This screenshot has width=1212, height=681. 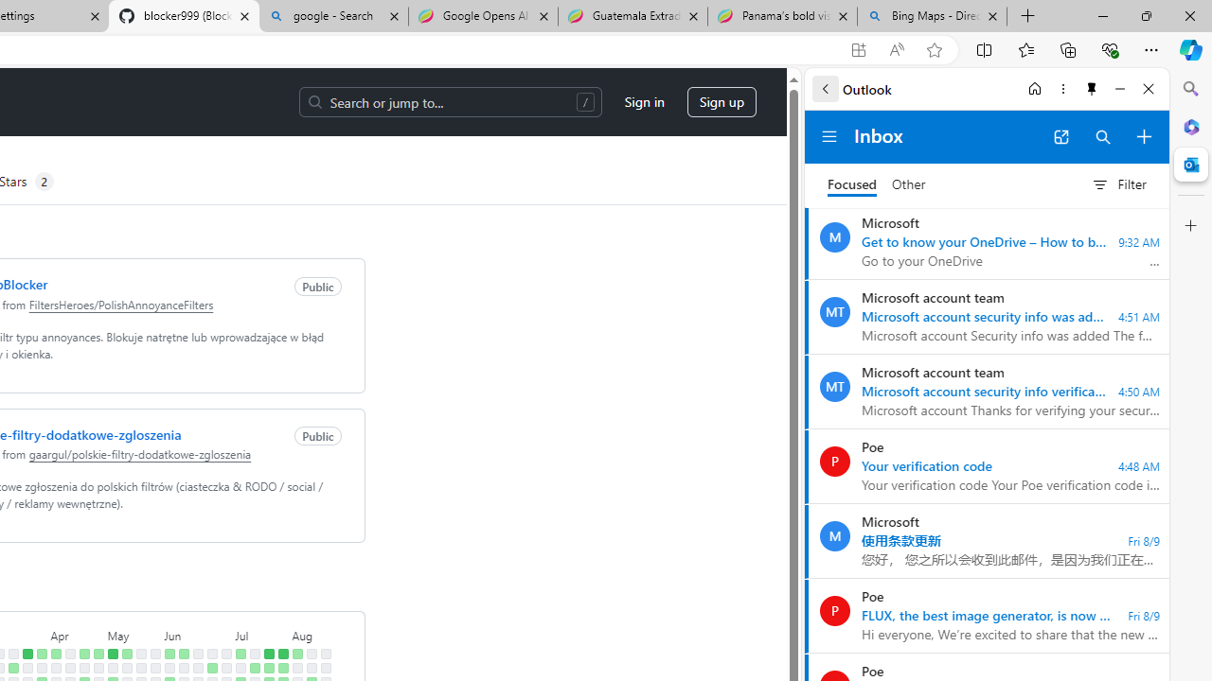 What do you see at coordinates (27, 667) in the screenshot?
I see `'No contributions on March 25th.'` at bounding box center [27, 667].